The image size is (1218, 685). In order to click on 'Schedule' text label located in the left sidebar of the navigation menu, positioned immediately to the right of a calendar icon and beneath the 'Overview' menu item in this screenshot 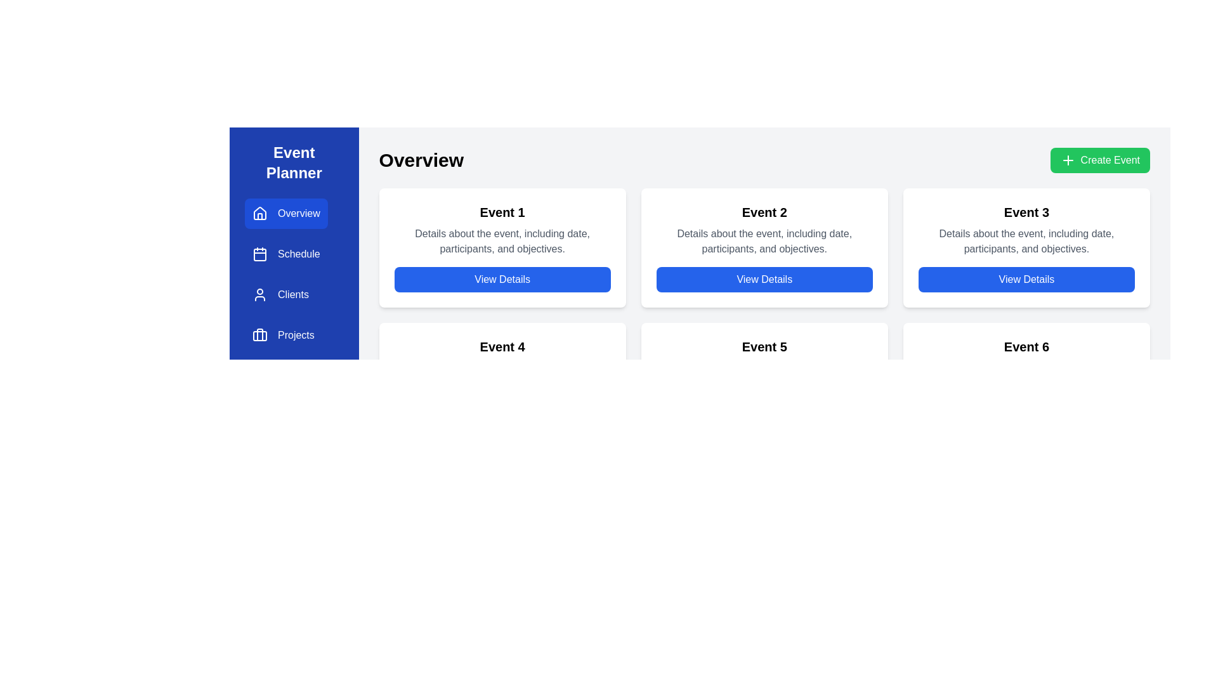, I will do `click(298, 254)`.